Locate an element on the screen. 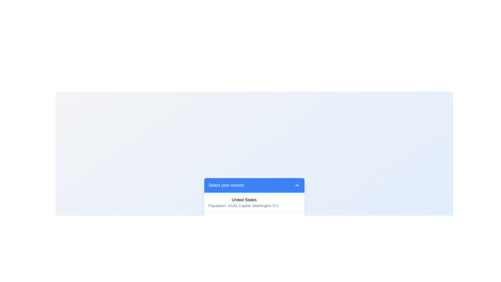 This screenshot has height=282, width=501. the text block displaying 'United States' which contains details about population and capital is located at coordinates (244, 202).